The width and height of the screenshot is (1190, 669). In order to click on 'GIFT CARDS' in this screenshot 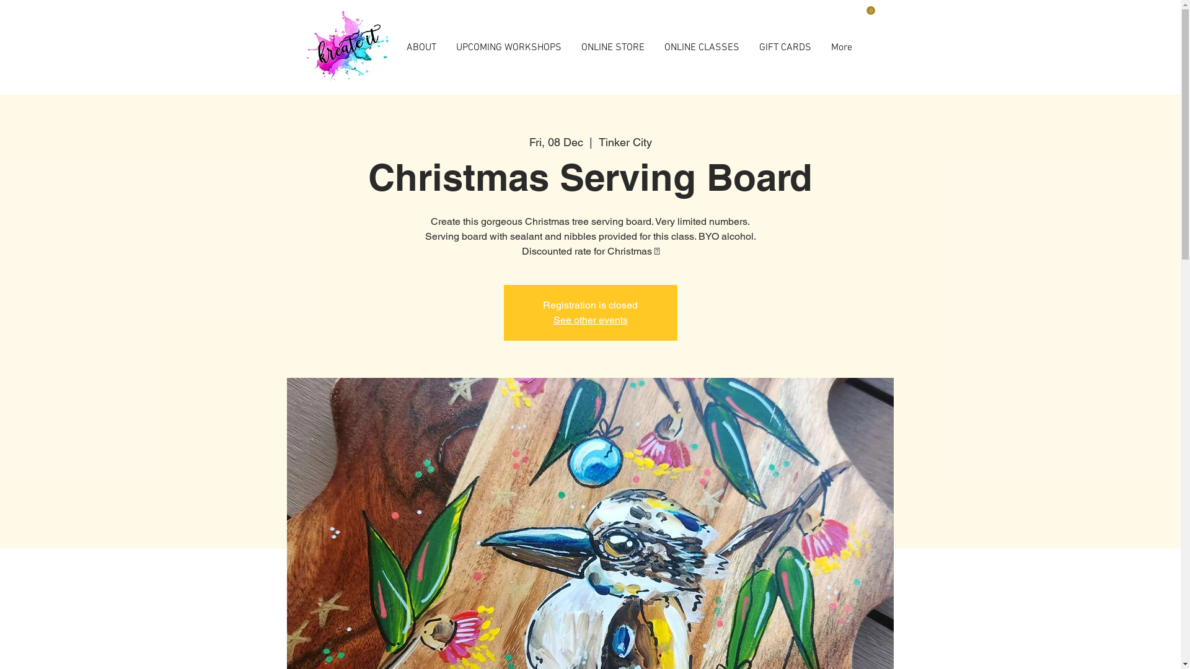, I will do `click(785, 47)`.